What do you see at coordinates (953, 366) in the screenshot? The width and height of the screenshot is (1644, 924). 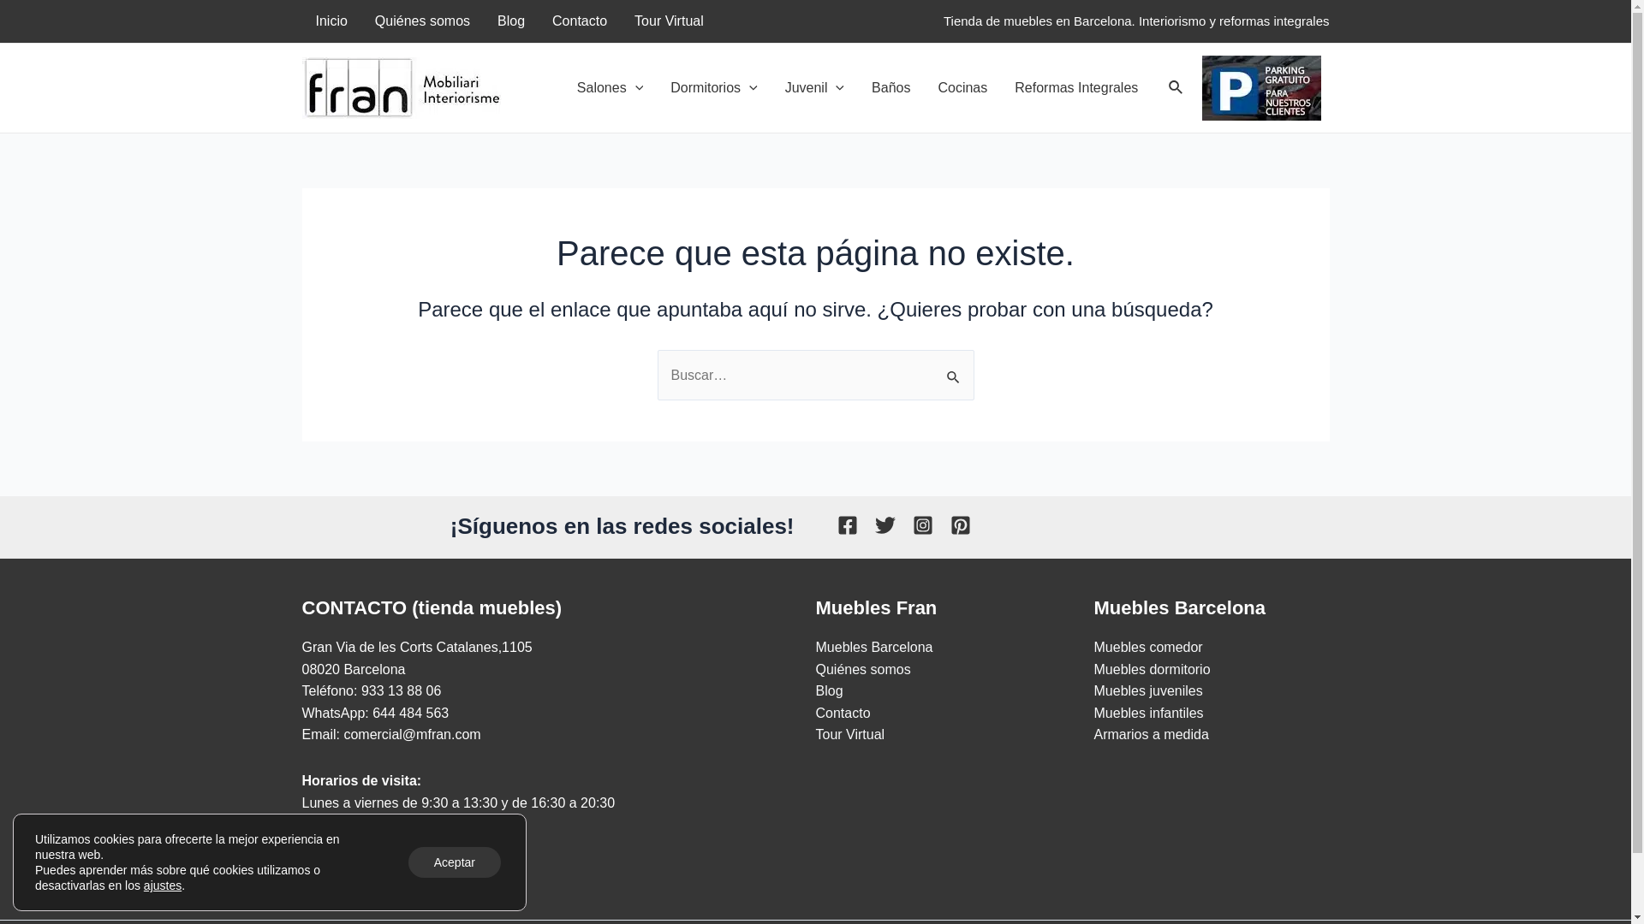 I see `'Buscar'` at bounding box center [953, 366].